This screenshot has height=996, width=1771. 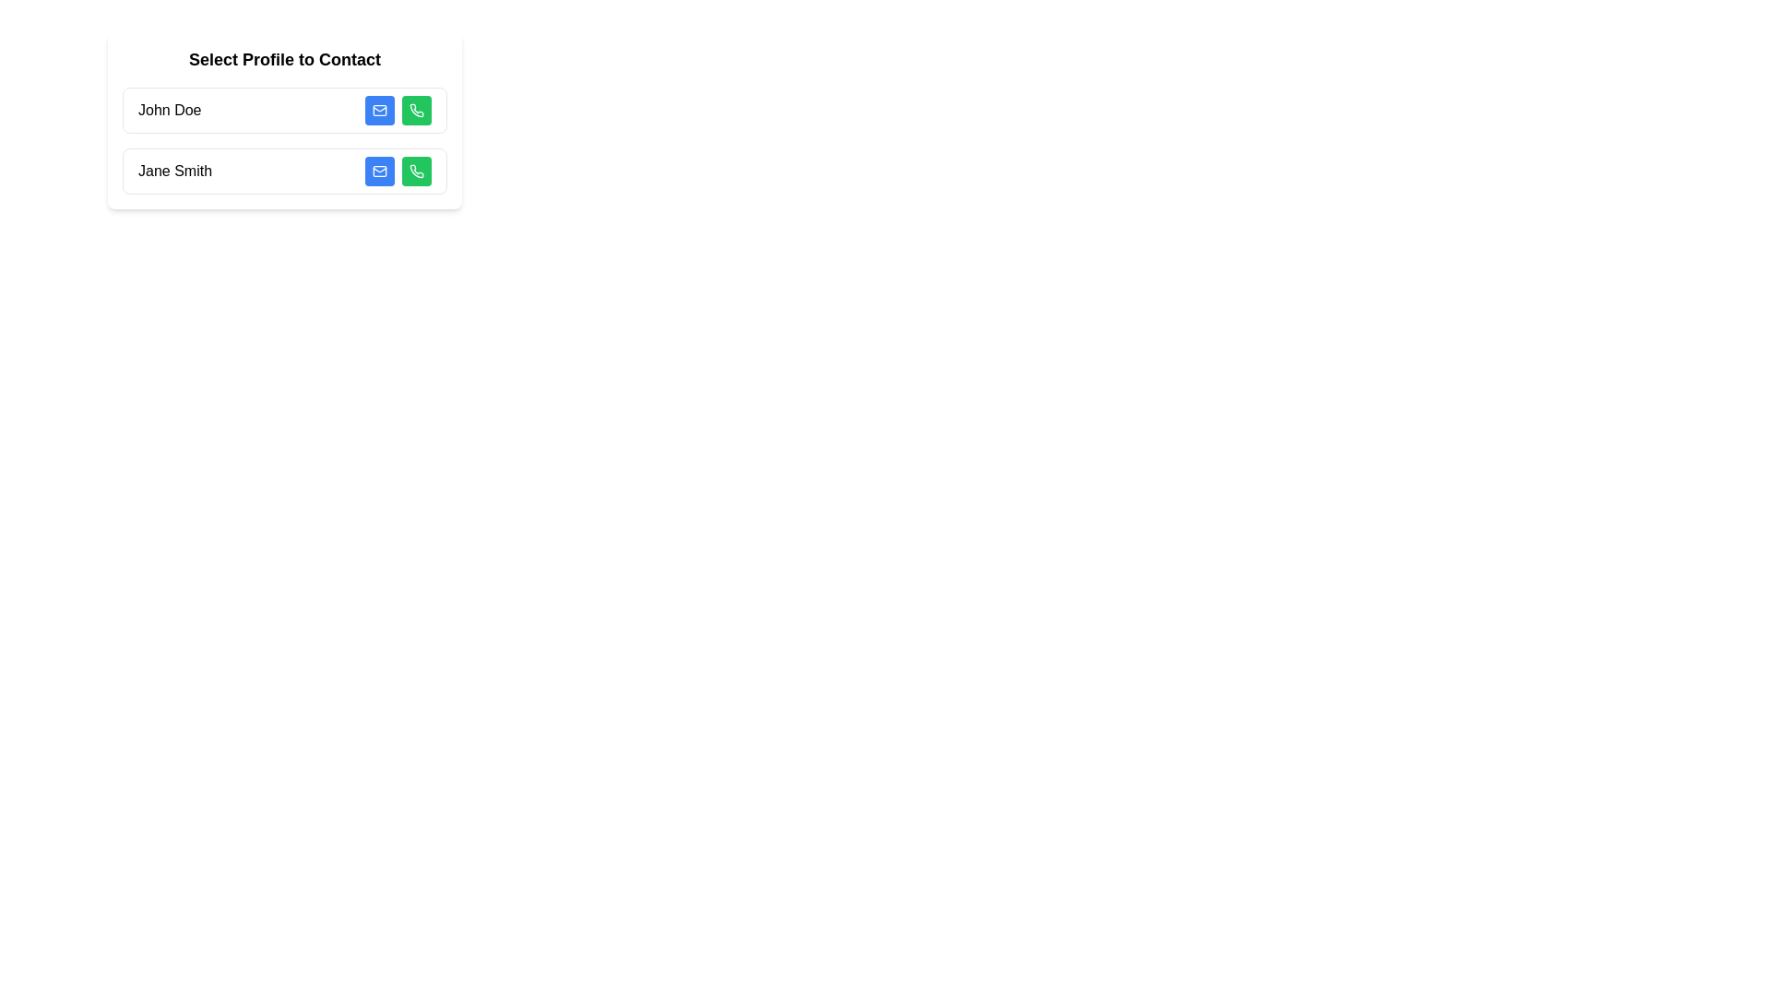 What do you see at coordinates (415, 110) in the screenshot?
I see `the phone call button located in the top-right corner of the first profile row in the 'Select Profile to Contact' list to initiate a phone call` at bounding box center [415, 110].